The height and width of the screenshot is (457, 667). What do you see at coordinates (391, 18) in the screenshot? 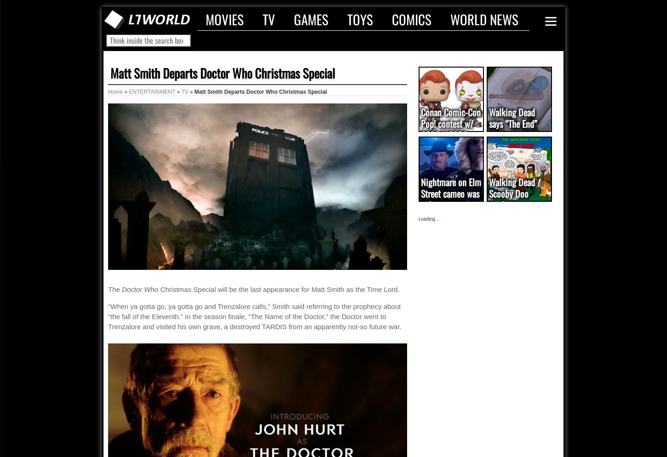
I see `'COMICS'` at bounding box center [391, 18].